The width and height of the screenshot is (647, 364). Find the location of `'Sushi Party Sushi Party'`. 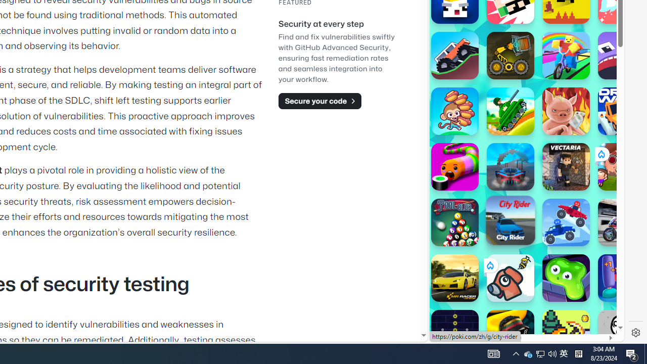

'Sushi Party Sushi Party' is located at coordinates (454, 166).